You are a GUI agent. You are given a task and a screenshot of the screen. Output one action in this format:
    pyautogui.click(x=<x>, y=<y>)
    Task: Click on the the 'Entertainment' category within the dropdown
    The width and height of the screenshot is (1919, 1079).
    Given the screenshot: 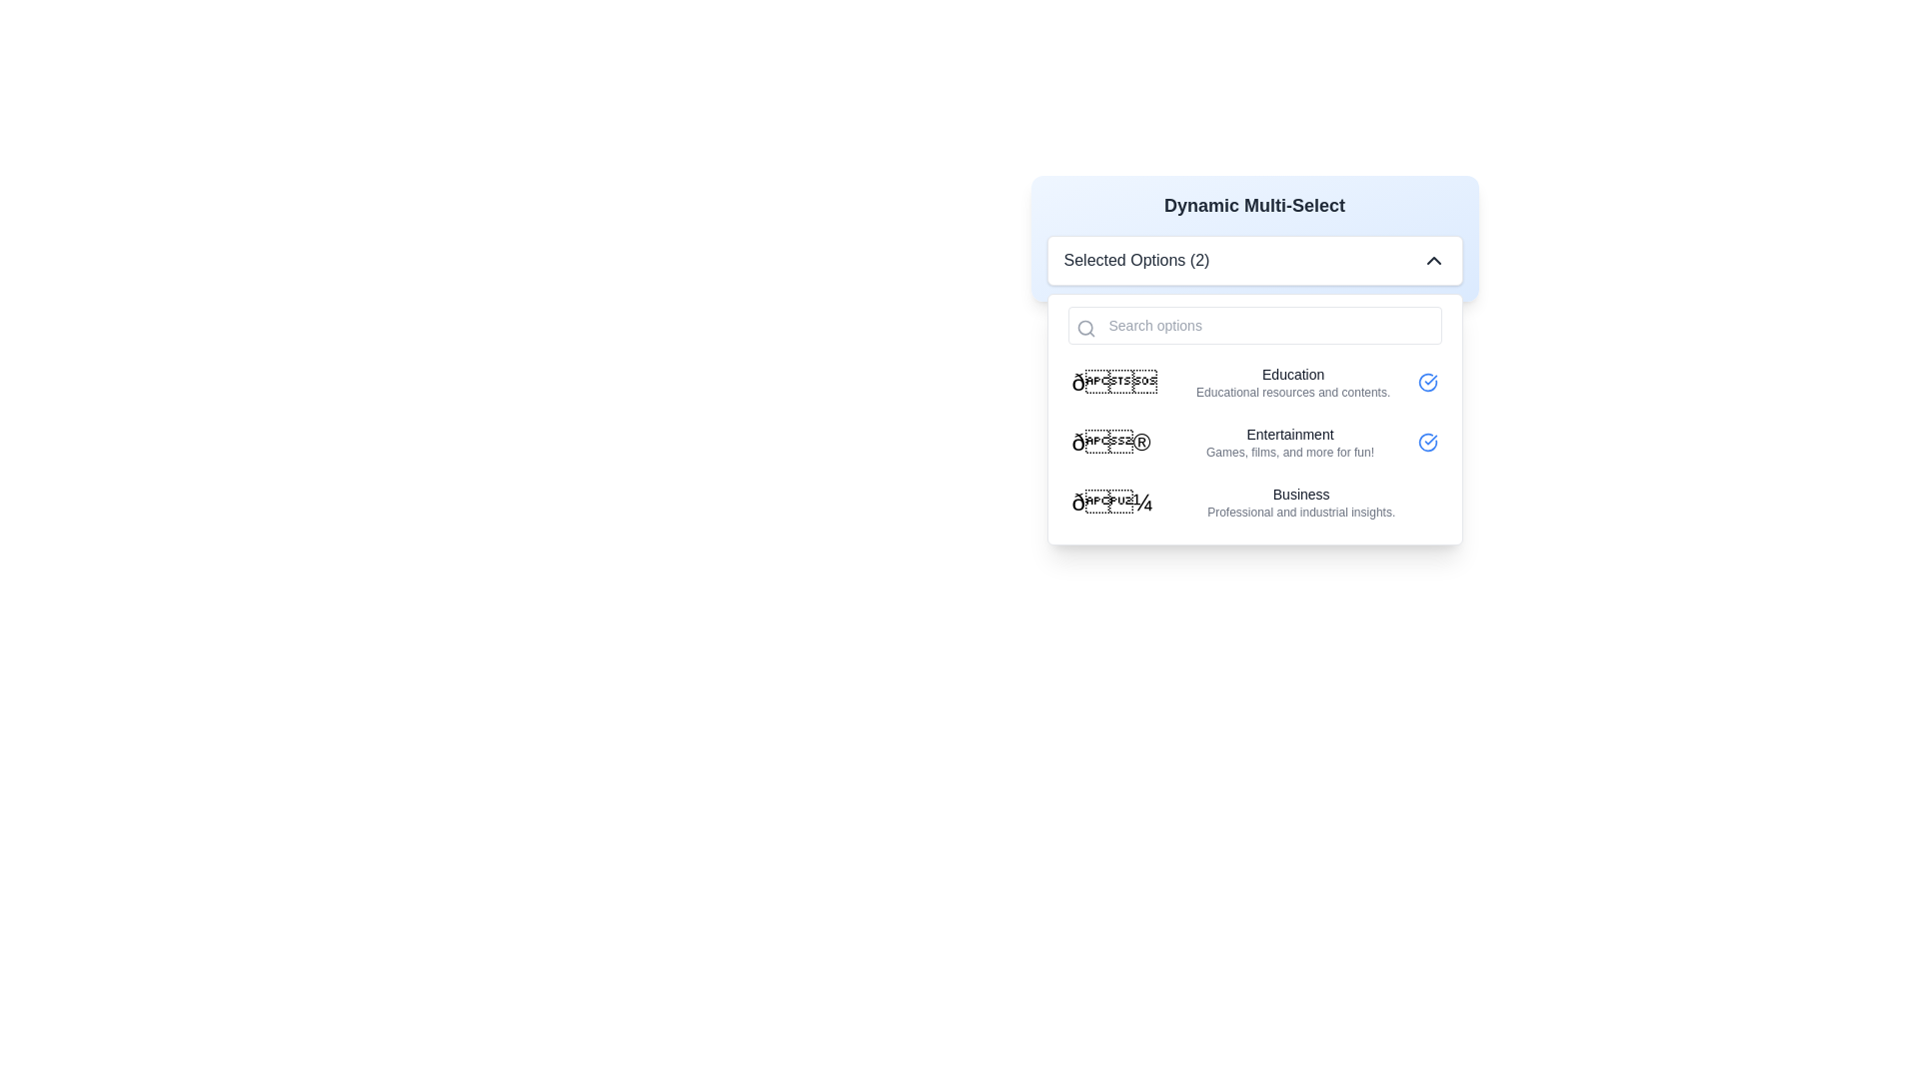 What is the action you would take?
    pyautogui.click(x=1253, y=442)
    